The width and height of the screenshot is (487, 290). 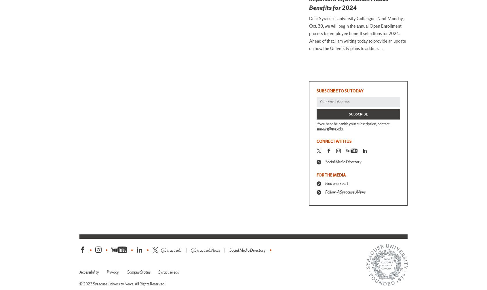 What do you see at coordinates (113, 272) in the screenshot?
I see `'Privacy'` at bounding box center [113, 272].